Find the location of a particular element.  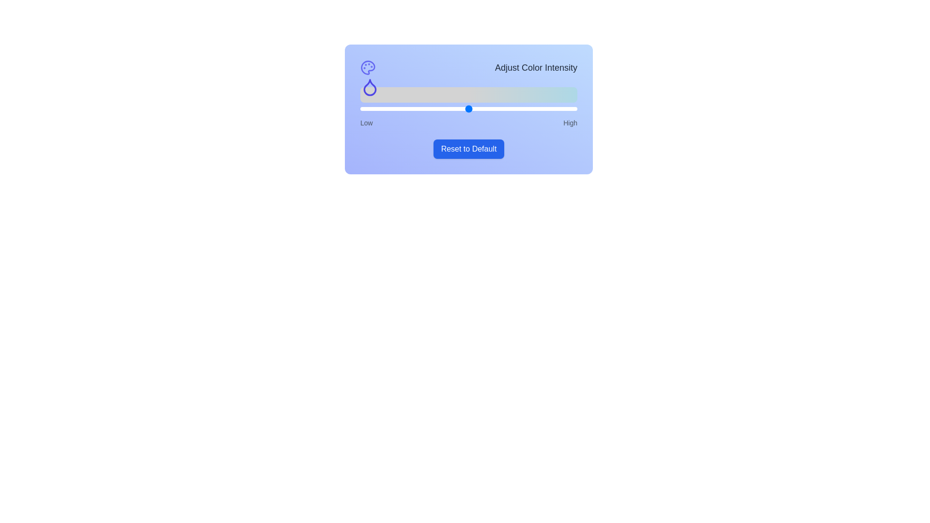

the slider to set the color intensity to 16 is located at coordinates (395, 108).